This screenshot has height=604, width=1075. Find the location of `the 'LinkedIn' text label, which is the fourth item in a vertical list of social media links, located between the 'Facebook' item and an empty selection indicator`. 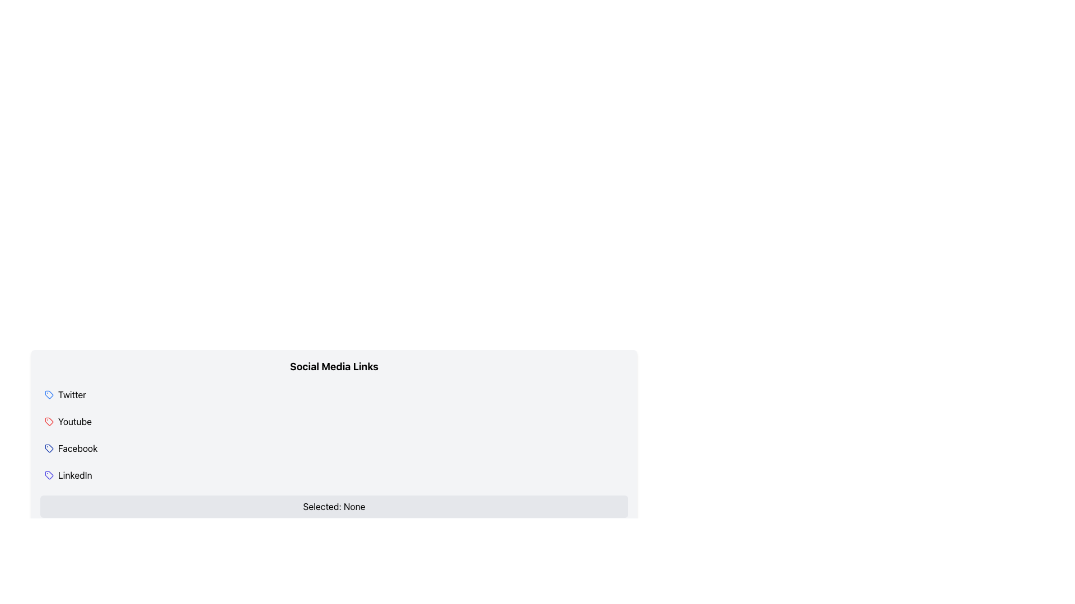

the 'LinkedIn' text label, which is the fourth item in a vertical list of social media links, located between the 'Facebook' item and an empty selection indicator is located at coordinates (74, 475).